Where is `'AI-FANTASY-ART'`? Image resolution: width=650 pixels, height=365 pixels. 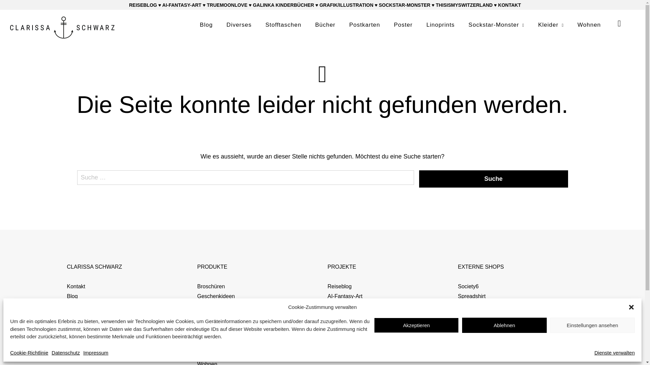 'AI-FANTASY-ART' is located at coordinates (162, 5).